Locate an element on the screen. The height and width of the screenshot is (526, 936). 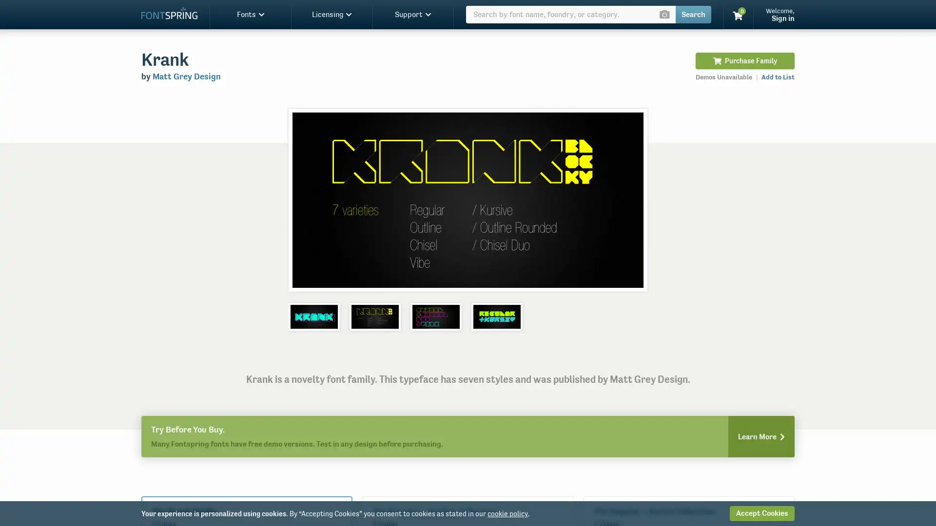
Purchase Family is located at coordinates (744, 60).